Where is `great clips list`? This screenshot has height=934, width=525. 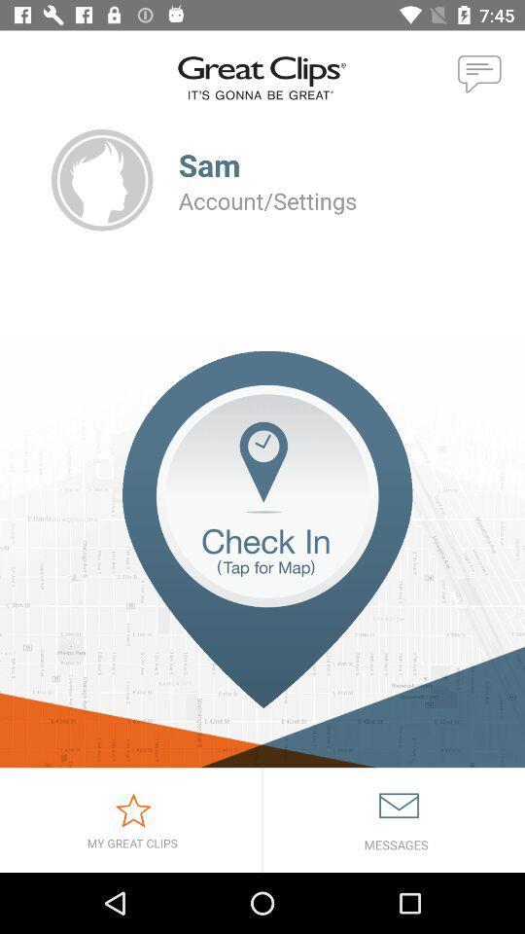
great clips list is located at coordinates (130, 819).